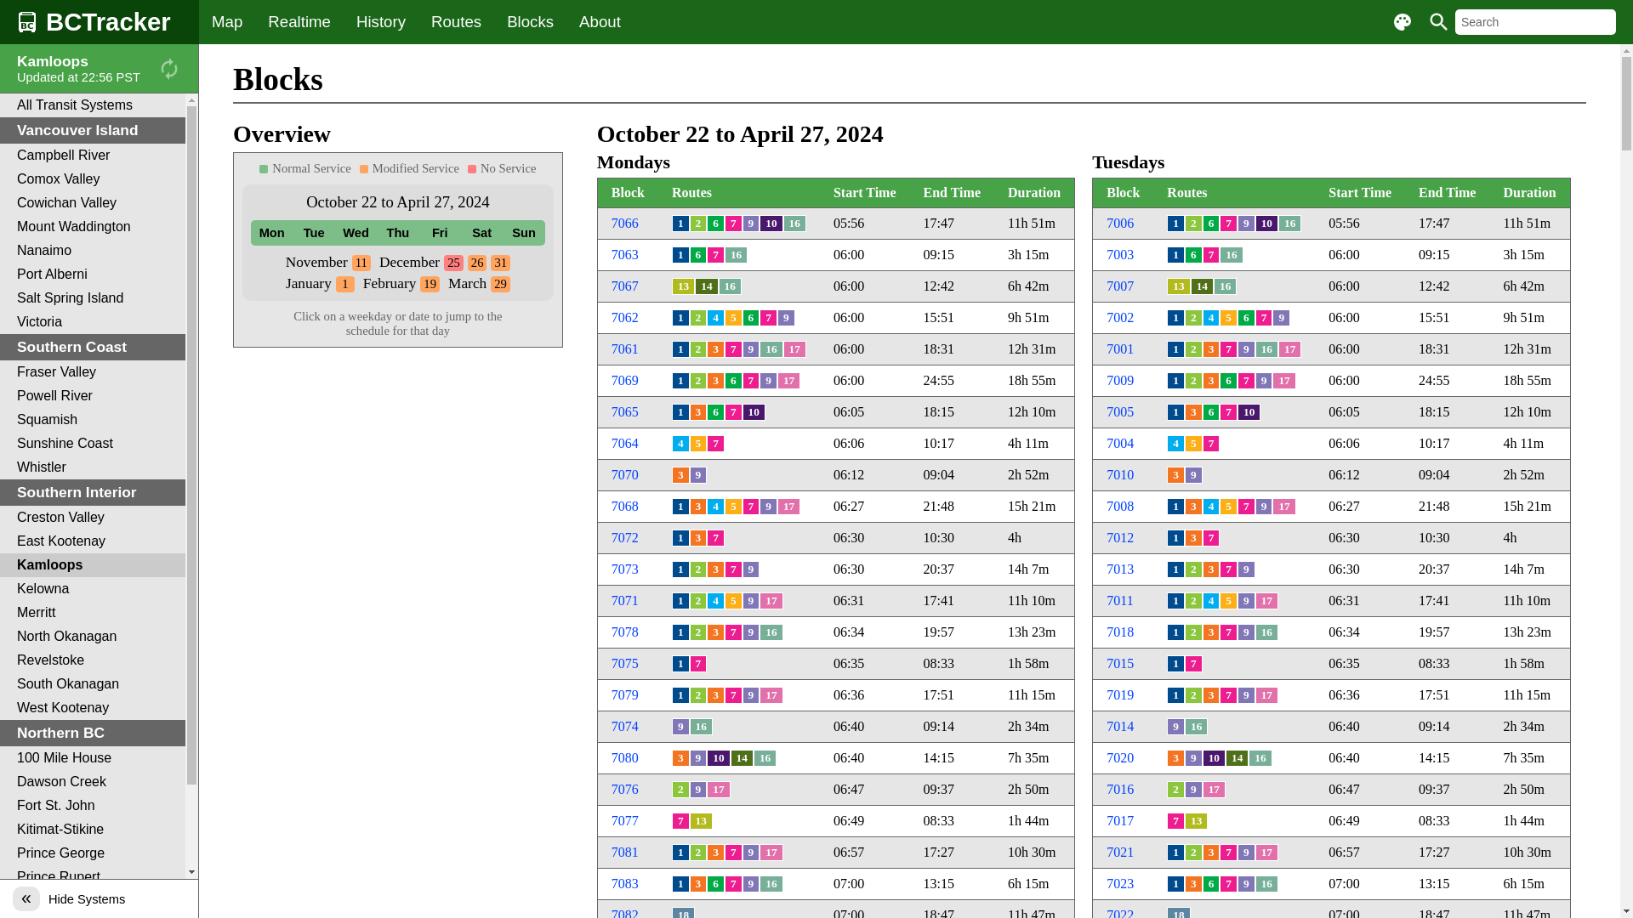  What do you see at coordinates (623, 442) in the screenshot?
I see `'7064'` at bounding box center [623, 442].